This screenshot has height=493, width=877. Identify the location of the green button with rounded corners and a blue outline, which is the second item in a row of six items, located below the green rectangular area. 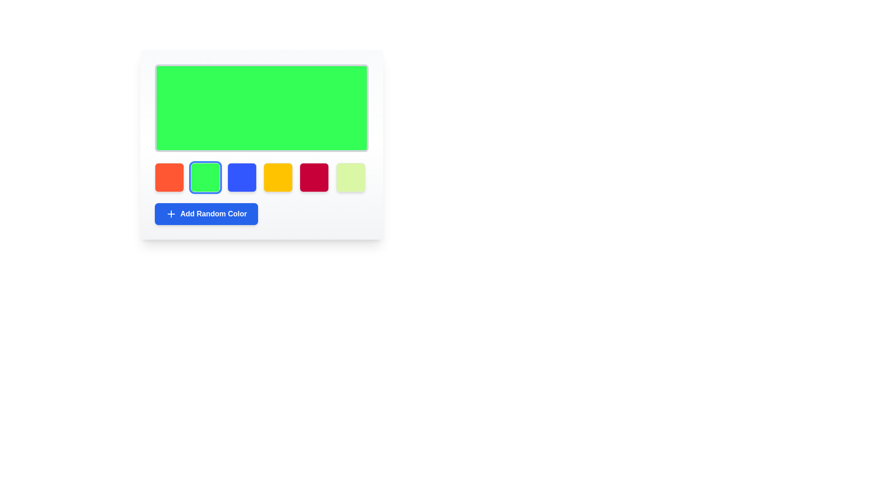
(205, 178).